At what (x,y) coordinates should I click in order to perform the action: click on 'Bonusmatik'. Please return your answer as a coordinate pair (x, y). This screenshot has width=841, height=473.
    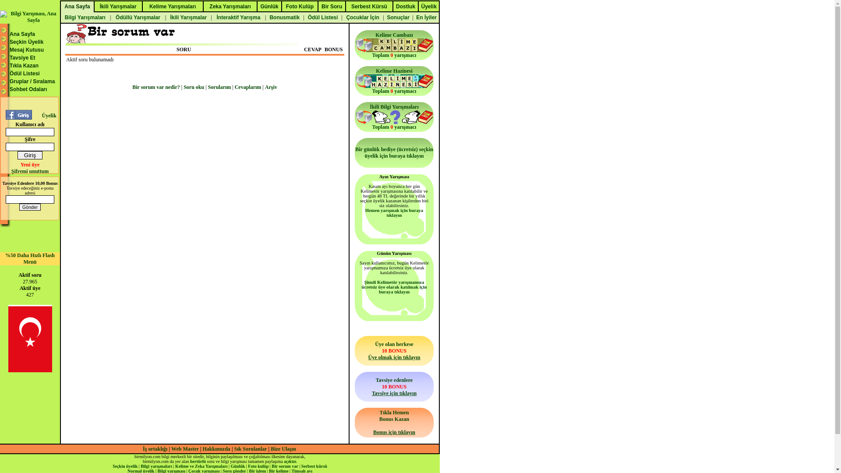
    Looking at the image, I should click on (266, 17).